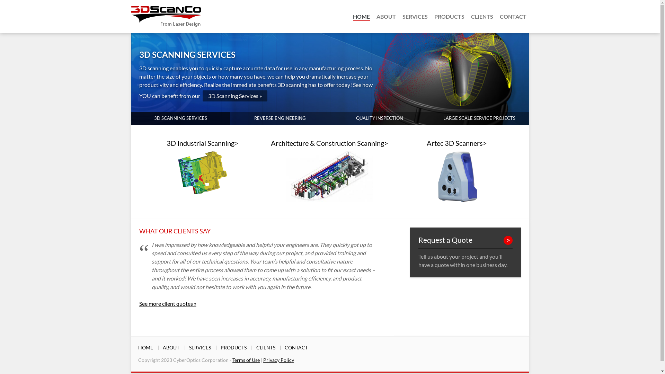  What do you see at coordinates (166, 142) in the screenshot?
I see `'3D Industrial Scanning'` at bounding box center [166, 142].